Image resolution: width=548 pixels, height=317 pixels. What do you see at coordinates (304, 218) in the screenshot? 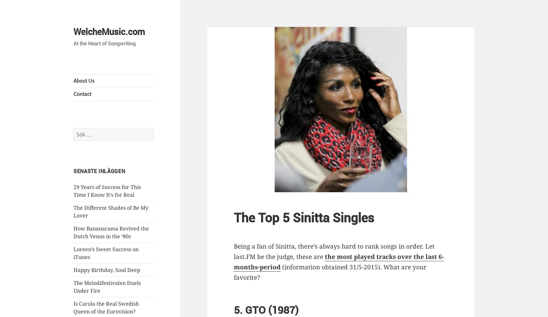
I see `'The Top 5 Sinitta Singles'` at bounding box center [304, 218].